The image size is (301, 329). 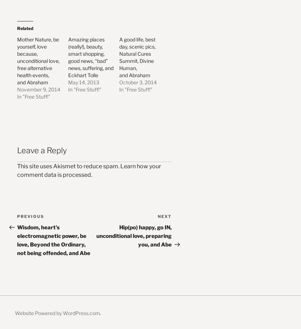 What do you see at coordinates (69, 165) in the screenshot?
I see `'This site uses Akismet to reduce spam.'` at bounding box center [69, 165].